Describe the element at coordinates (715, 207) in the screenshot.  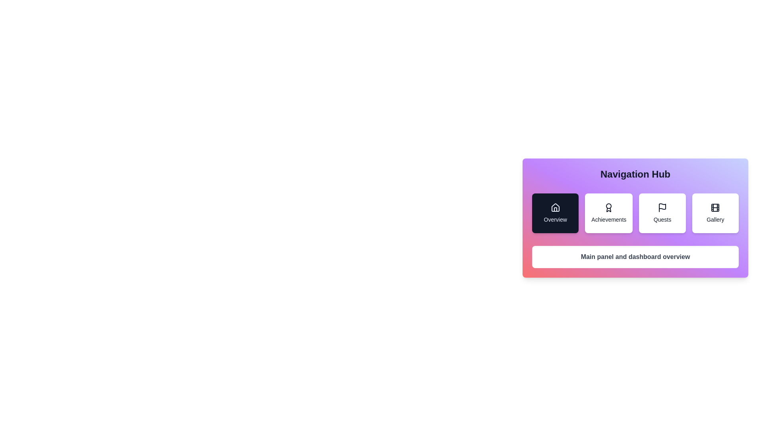
I see `the Gallery icon button, which resembles a film strip and is the fourth button in the row near the top-right corner of the navigation hub panel` at that location.